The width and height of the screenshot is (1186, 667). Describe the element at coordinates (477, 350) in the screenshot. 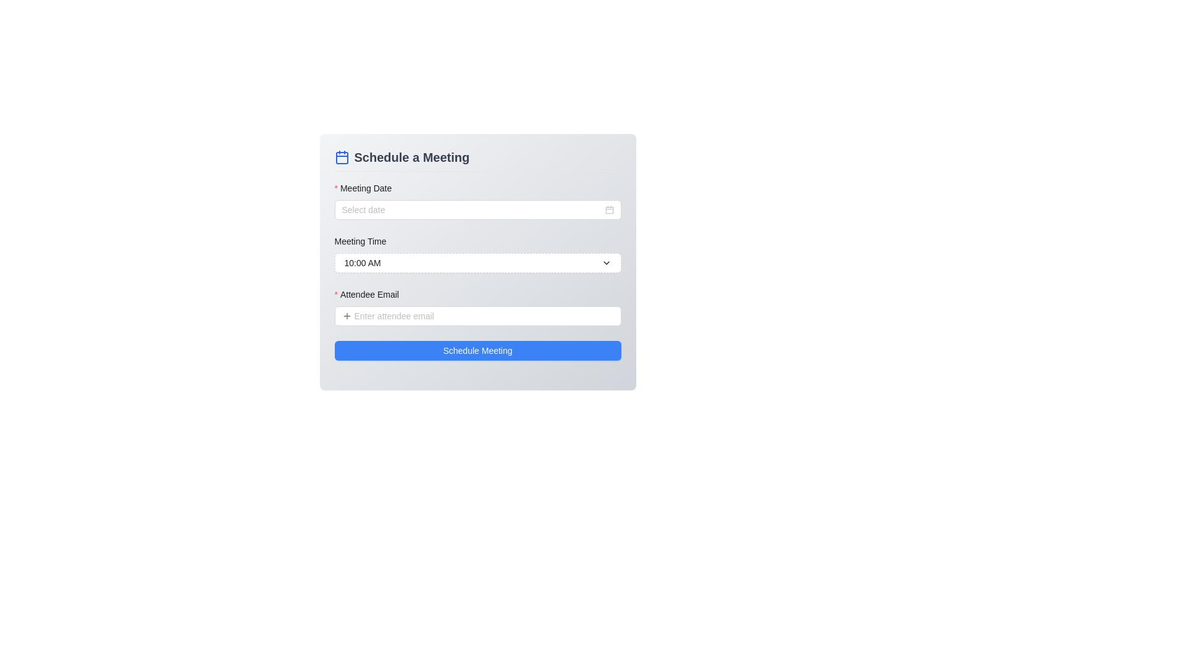

I see `the button labeled 'Schedule Meeting' with a blue background` at that location.